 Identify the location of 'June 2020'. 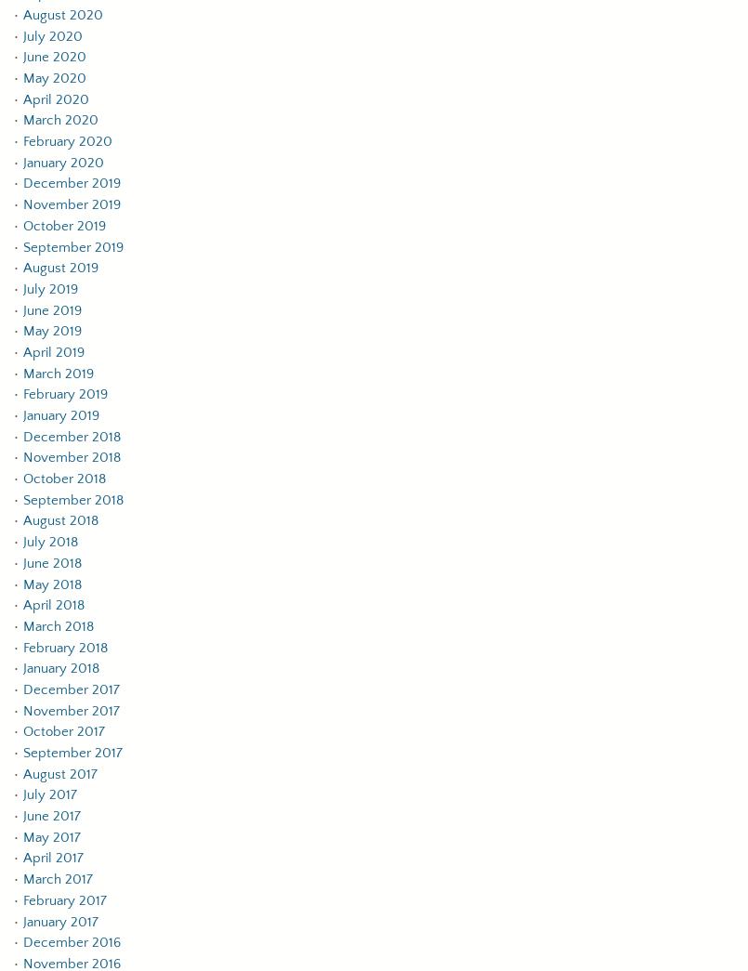
(54, 57).